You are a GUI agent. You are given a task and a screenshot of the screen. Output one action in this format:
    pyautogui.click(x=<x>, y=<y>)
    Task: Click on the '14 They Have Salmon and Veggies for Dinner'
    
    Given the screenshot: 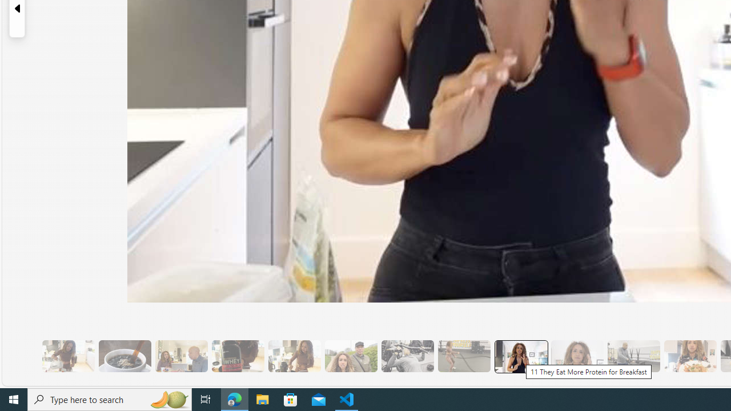 What is the action you would take?
    pyautogui.click(x=689, y=356)
    